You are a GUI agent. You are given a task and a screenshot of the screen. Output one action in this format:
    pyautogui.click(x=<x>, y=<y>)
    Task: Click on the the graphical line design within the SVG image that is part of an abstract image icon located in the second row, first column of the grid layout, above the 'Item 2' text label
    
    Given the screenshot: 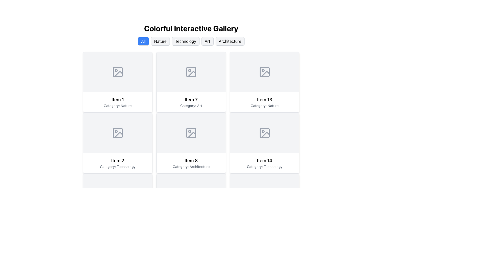 What is the action you would take?
    pyautogui.click(x=118, y=135)
    